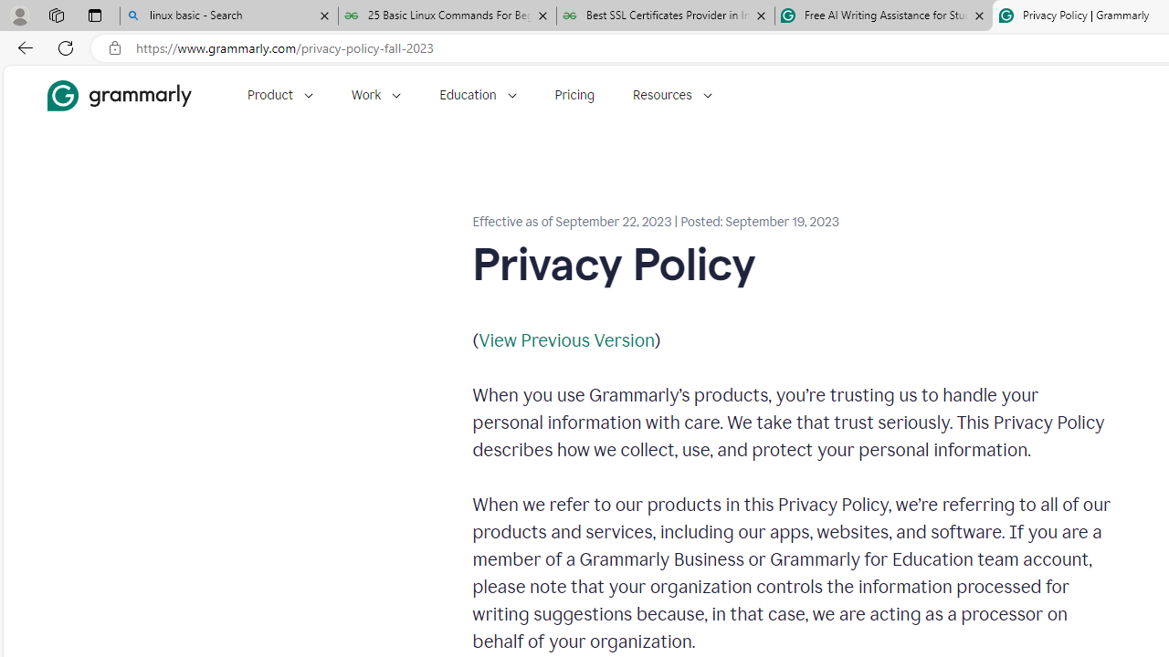  Describe the element at coordinates (478, 95) in the screenshot. I see `'Education'` at that location.